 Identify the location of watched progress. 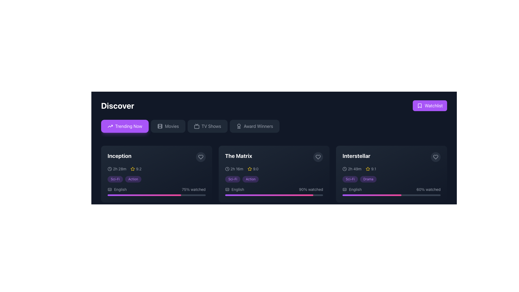
(362, 195).